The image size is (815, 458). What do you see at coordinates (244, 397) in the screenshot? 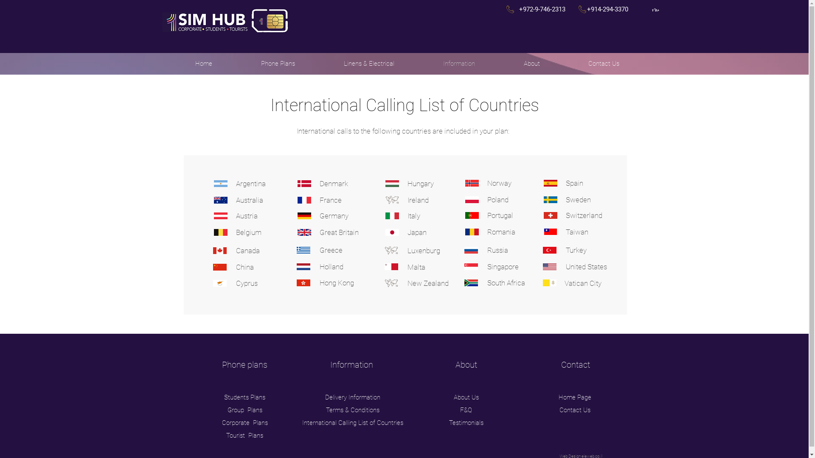
I see `'Students Plans'` at bounding box center [244, 397].